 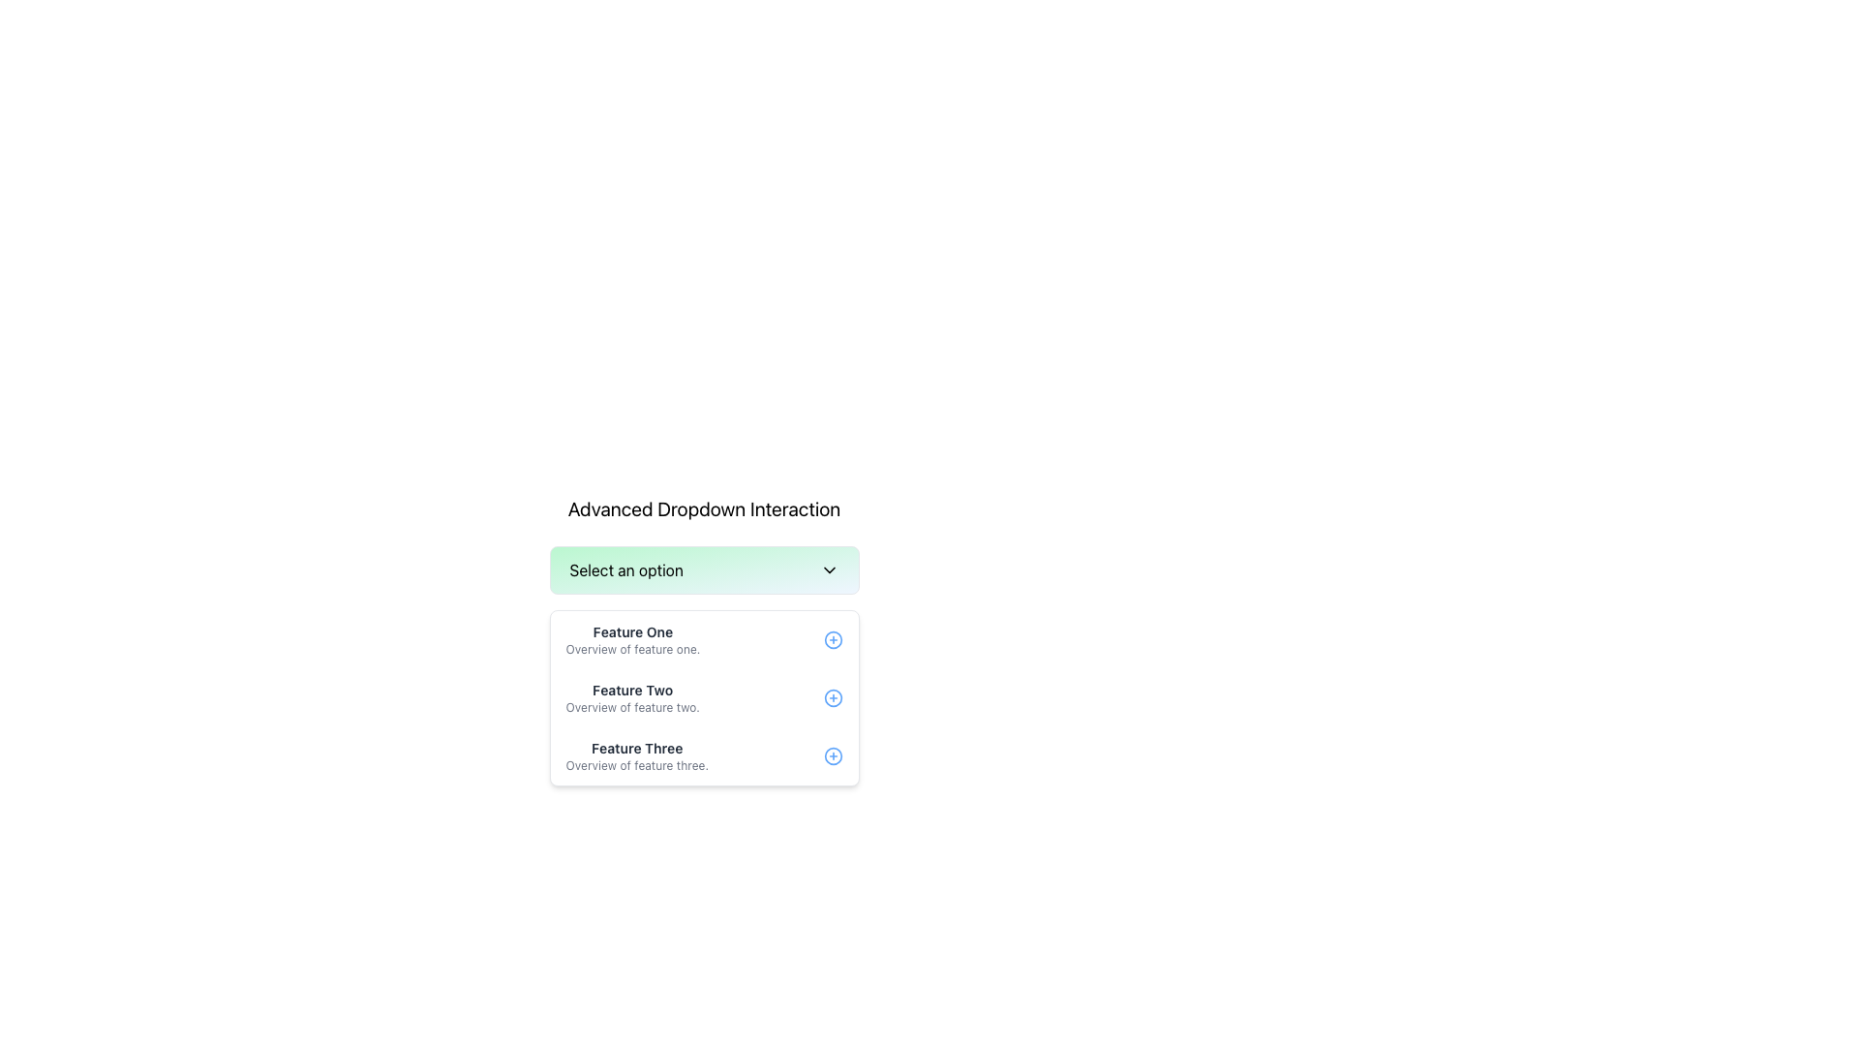 I want to click on the green gradient-styled dropdown menu labeled 'Select an option' positioned beneath 'Advanced Dropdown Interaction', so click(x=703, y=545).